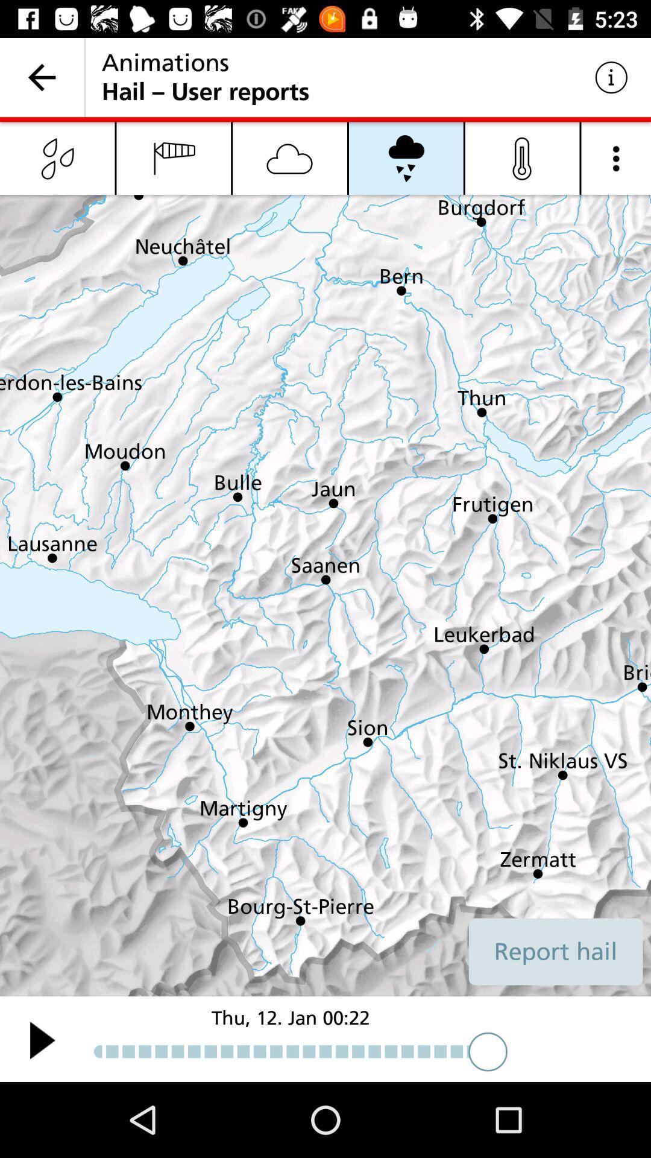 Image resolution: width=651 pixels, height=1158 pixels. Describe the element at coordinates (42, 1039) in the screenshot. I see `the play icon` at that location.